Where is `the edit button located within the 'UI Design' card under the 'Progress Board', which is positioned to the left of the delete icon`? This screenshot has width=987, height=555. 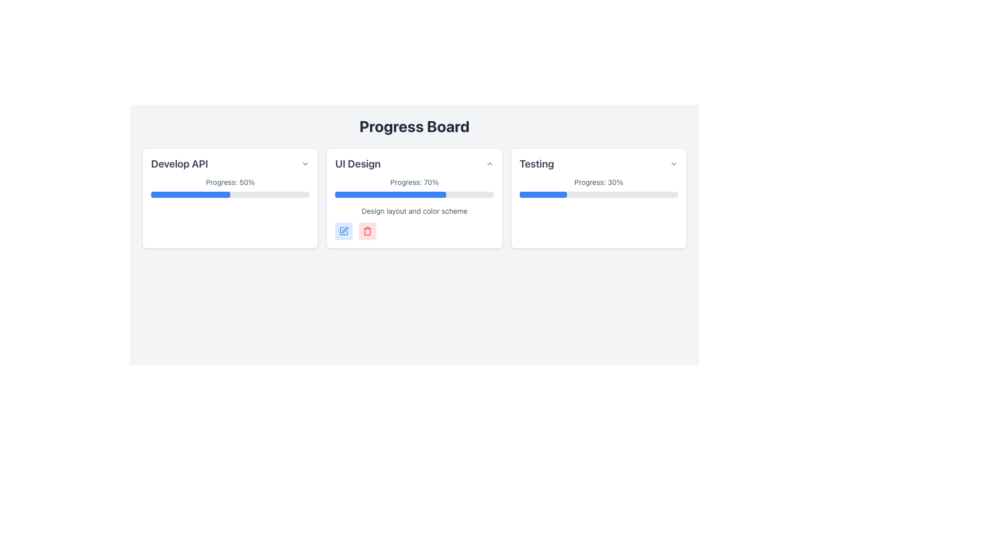
the edit button located within the 'UI Design' card under the 'Progress Board', which is positioned to the left of the delete icon is located at coordinates (345, 229).